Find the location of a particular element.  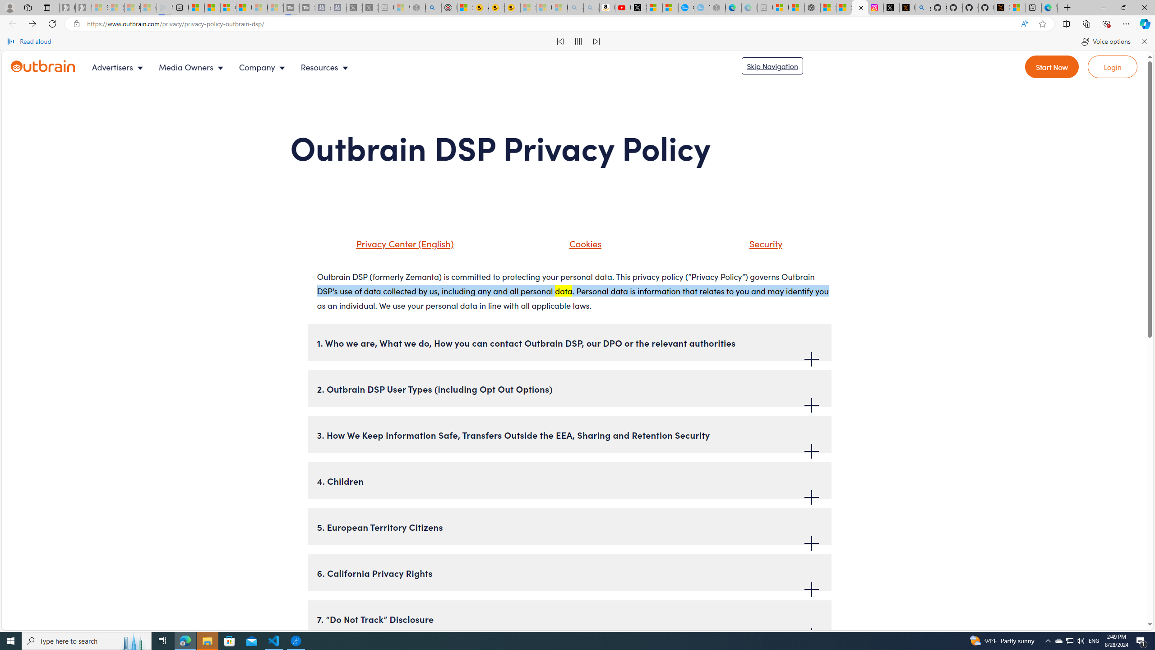

'Nordace - Nordace has arrived Hong Kong - Sleeping' is located at coordinates (717, 7).